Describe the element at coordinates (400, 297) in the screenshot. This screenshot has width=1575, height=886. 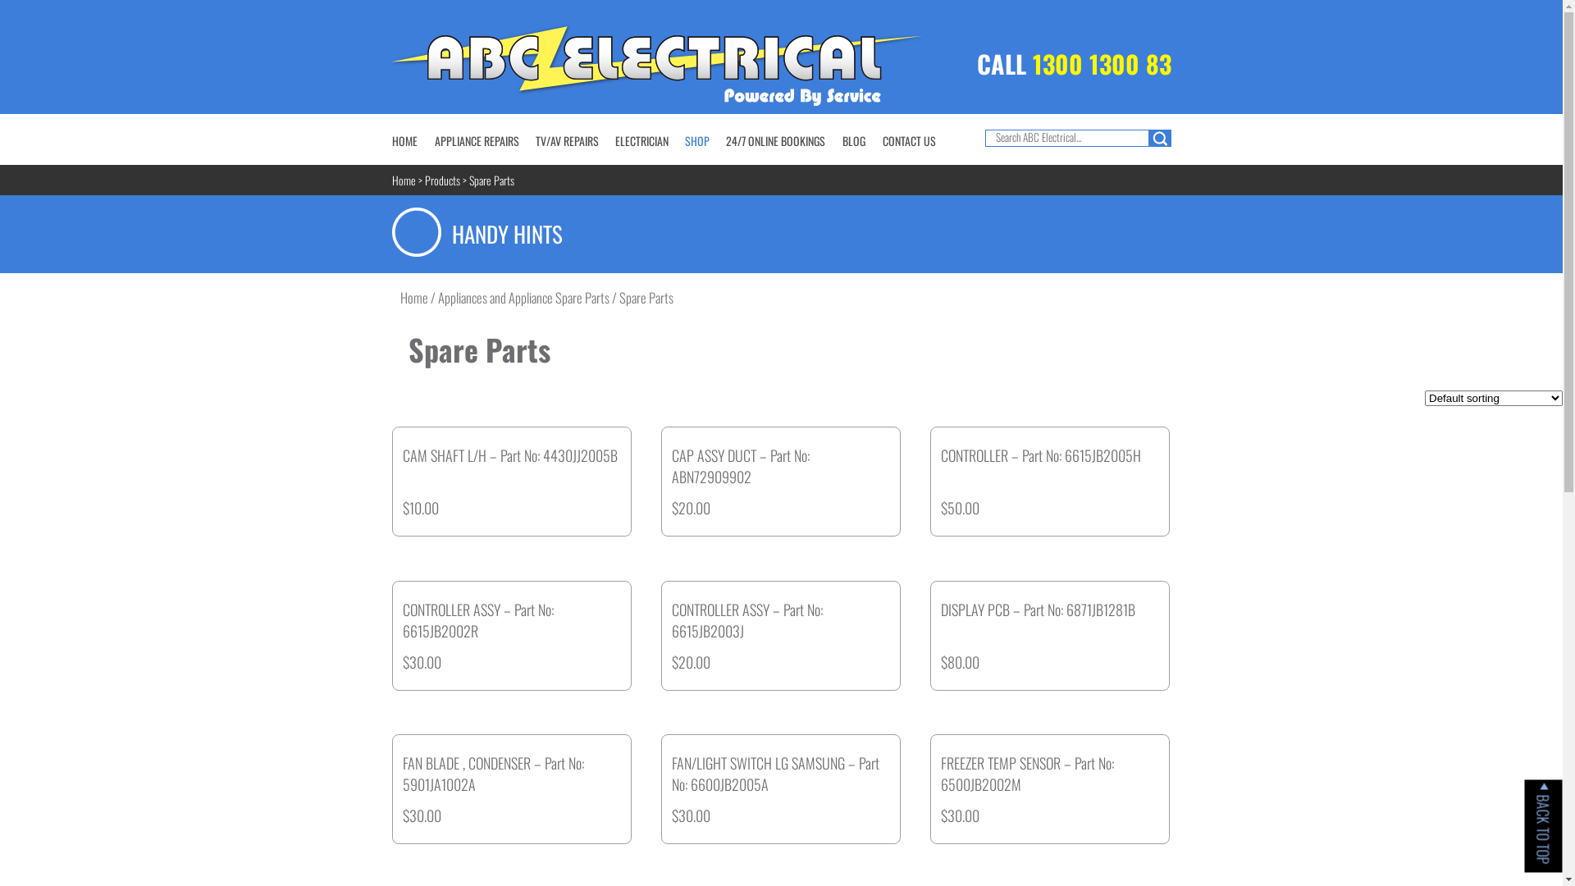
I see `'Home'` at that location.